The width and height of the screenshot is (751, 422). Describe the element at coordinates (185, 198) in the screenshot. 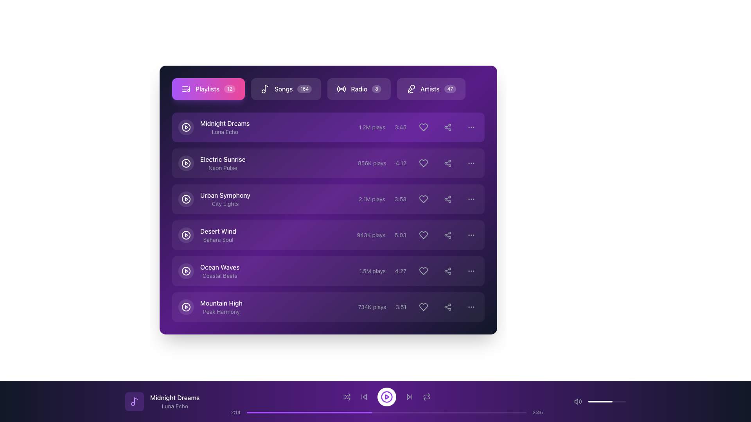

I see `the play button for the track 'Urban Symphony' located in the third position of the vertically stacked list in the playlist area` at that location.